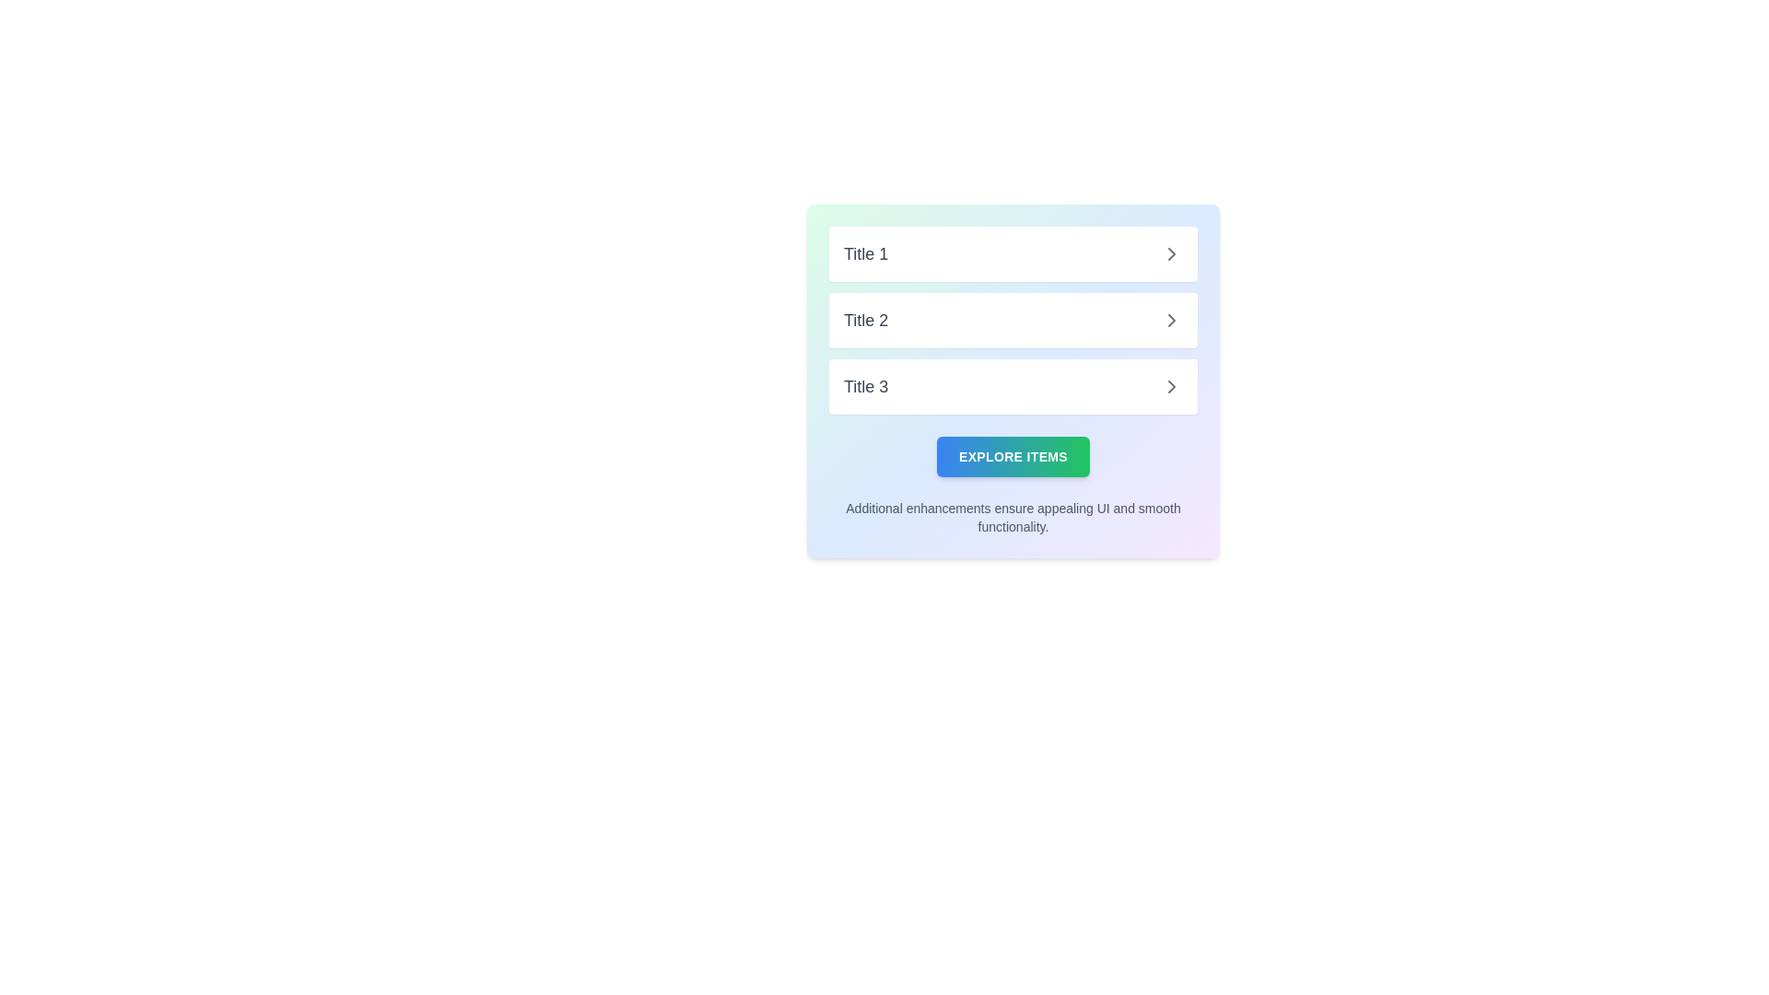 This screenshot has height=995, width=1769. Describe the element at coordinates (1171, 254) in the screenshot. I see `the Chevron Icon located on the right-hand side of the rectangular box labeled 'Title 1'` at that location.